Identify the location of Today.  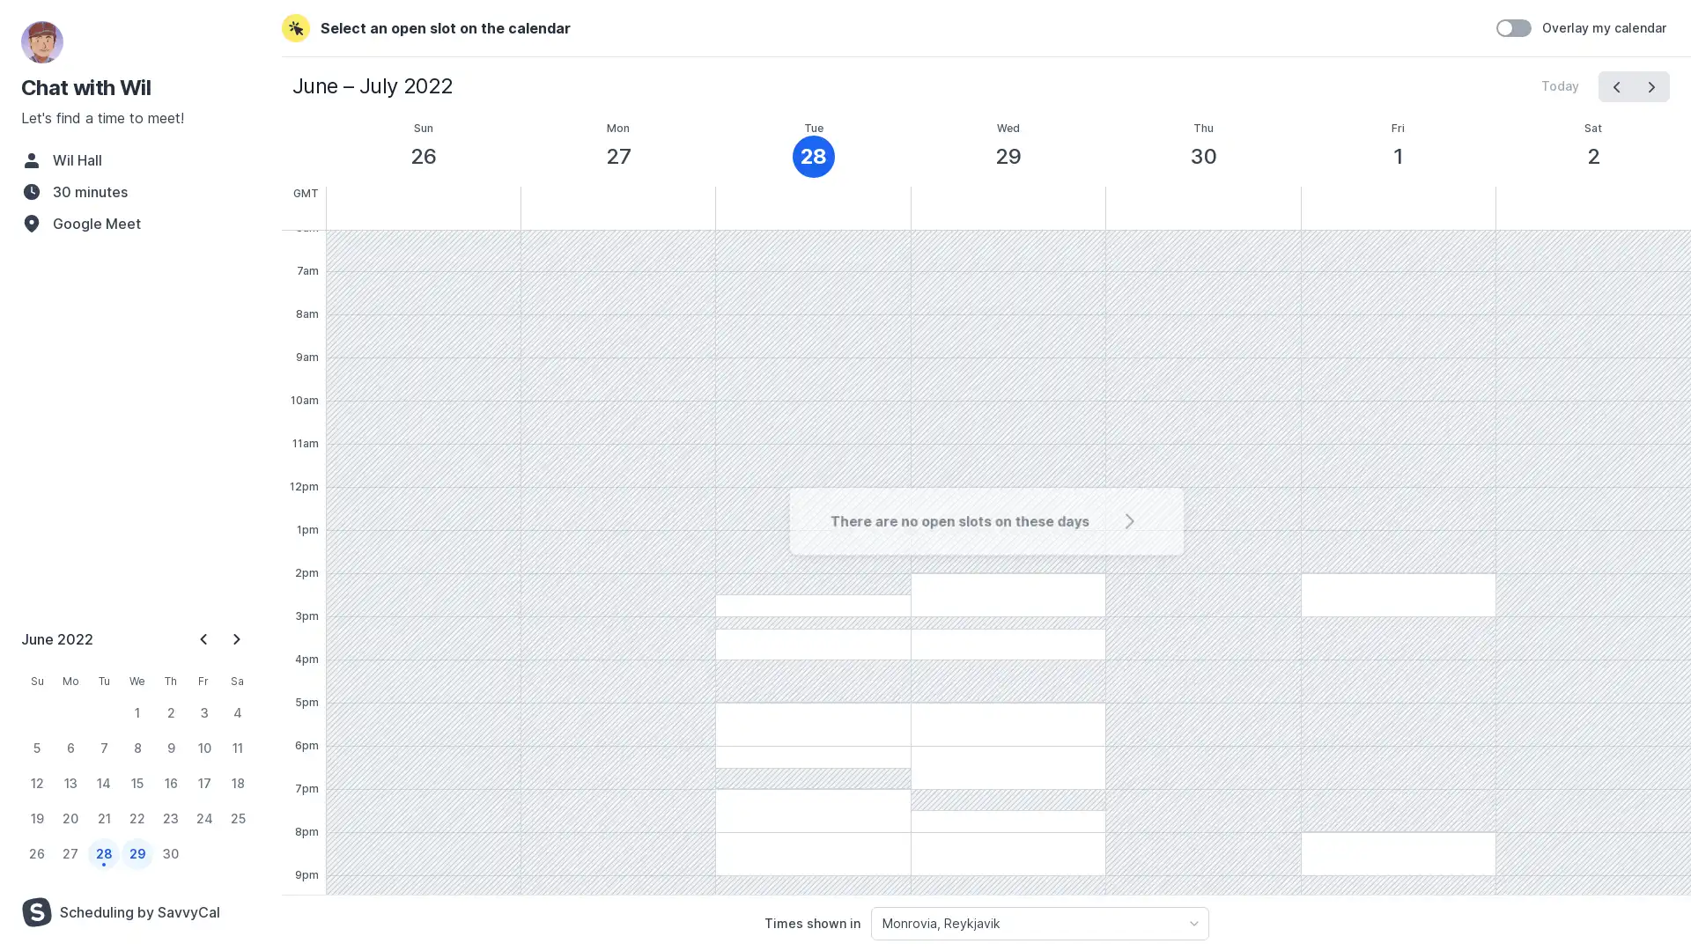
(1559, 85).